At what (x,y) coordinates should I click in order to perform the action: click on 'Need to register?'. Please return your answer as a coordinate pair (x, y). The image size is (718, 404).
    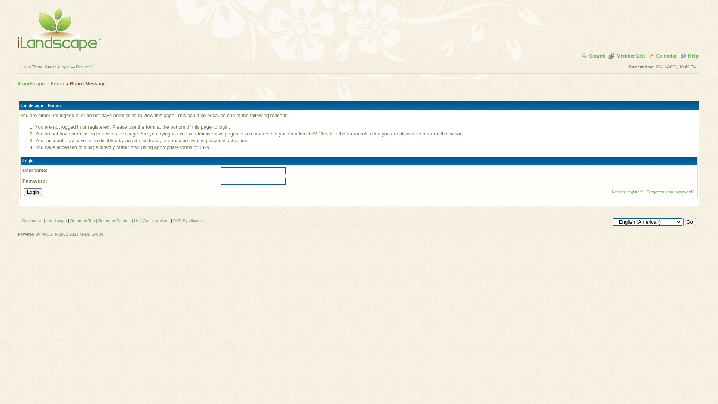
    Looking at the image, I should click on (628, 192).